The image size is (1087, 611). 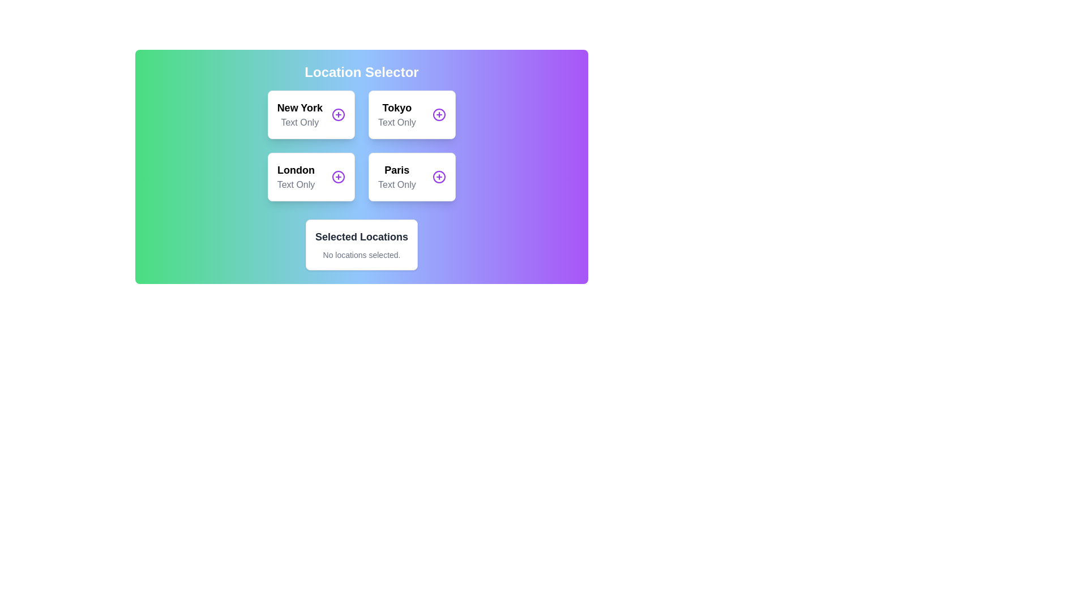 What do you see at coordinates (361, 236) in the screenshot?
I see `the title text label indicating the purpose of the card that displays the currently selected locations, which is located in the lower portion of the white card section` at bounding box center [361, 236].